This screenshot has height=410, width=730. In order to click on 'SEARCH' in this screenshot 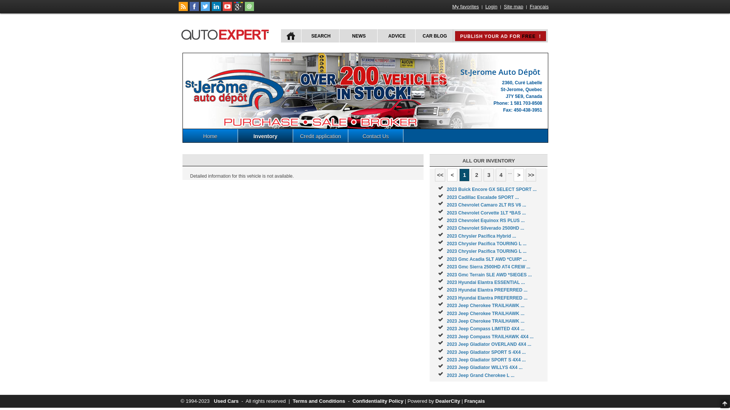, I will do `click(320, 36)`.